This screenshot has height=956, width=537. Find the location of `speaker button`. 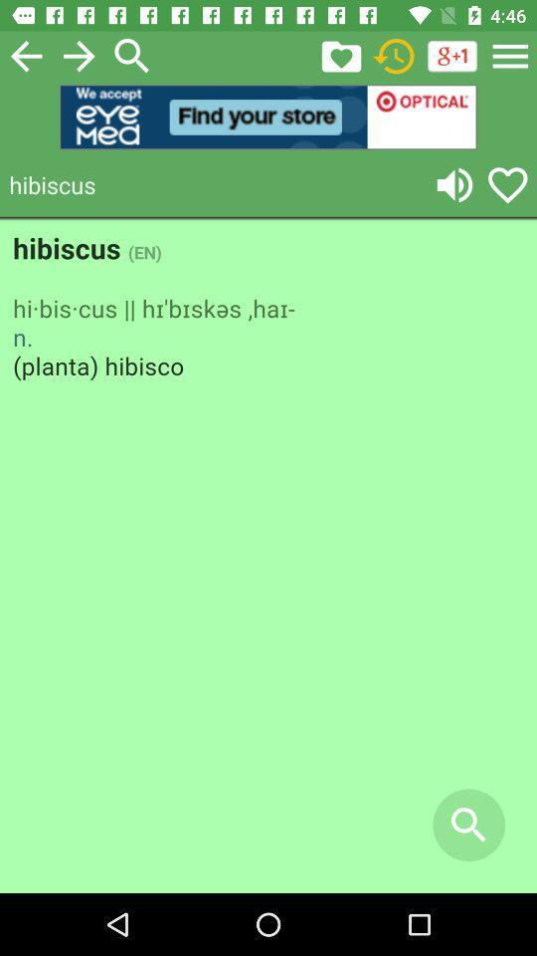

speaker button is located at coordinates (454, 184).